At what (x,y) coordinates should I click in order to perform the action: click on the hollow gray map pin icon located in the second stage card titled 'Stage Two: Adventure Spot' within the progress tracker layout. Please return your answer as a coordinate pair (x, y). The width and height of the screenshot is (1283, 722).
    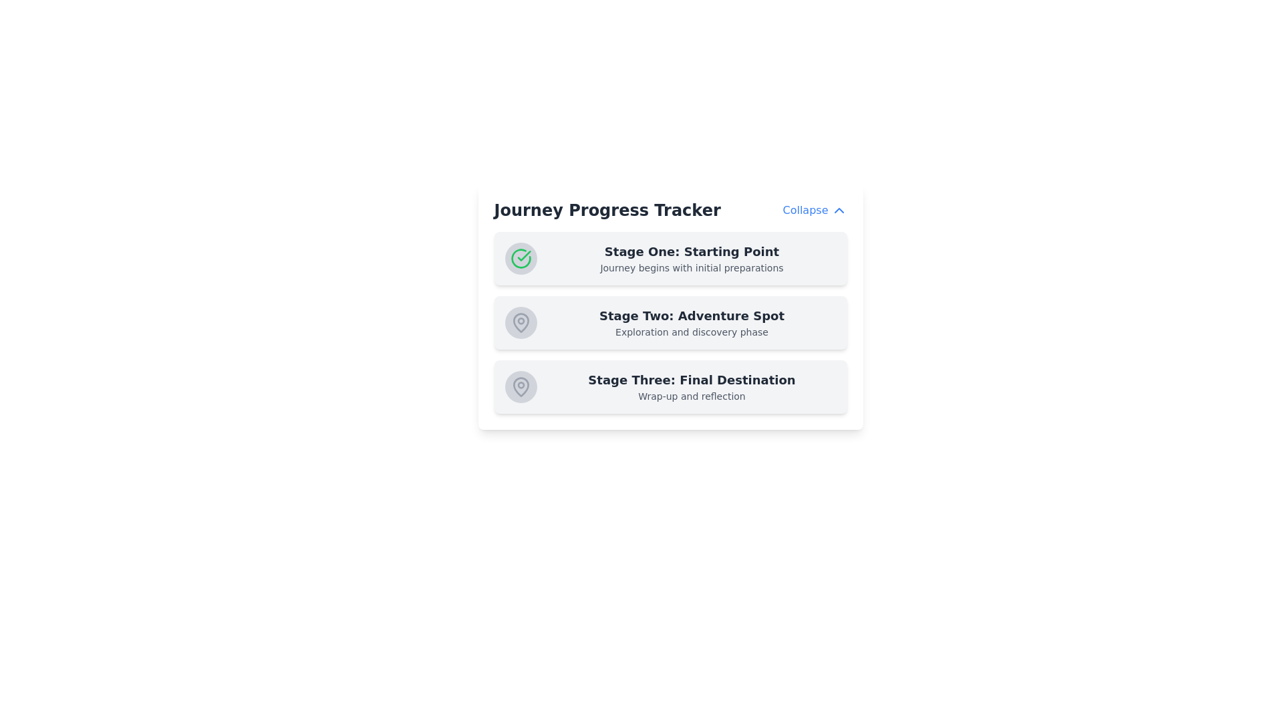
    Looking at the image, I should click on (520, 322).